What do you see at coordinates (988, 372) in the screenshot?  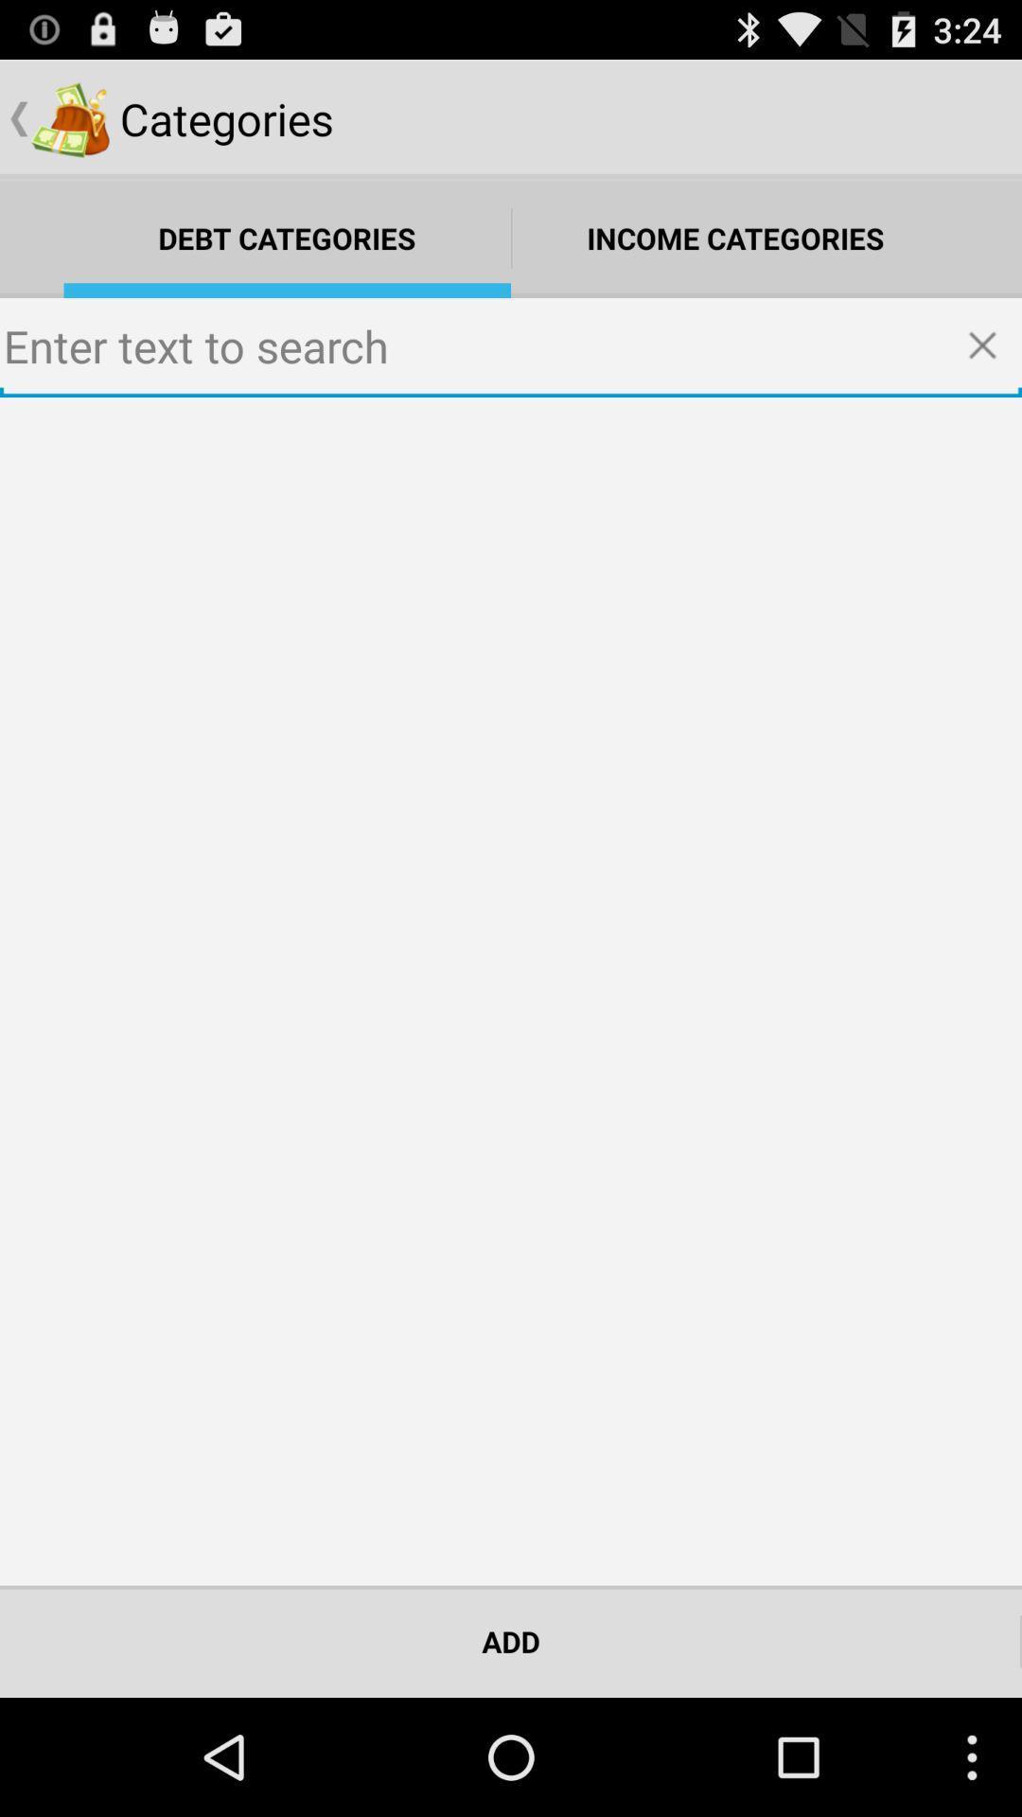 I see `the close icon` at bounding box center [988, 372].